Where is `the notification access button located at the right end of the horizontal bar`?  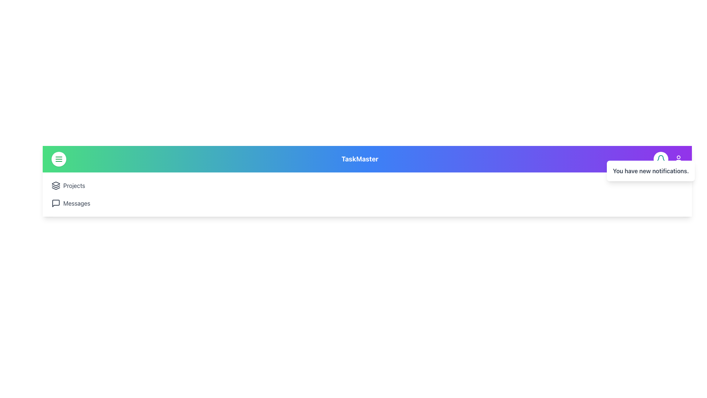 the notification access button located at the right end of the horizontal bar is located at coordinates (661, 159).